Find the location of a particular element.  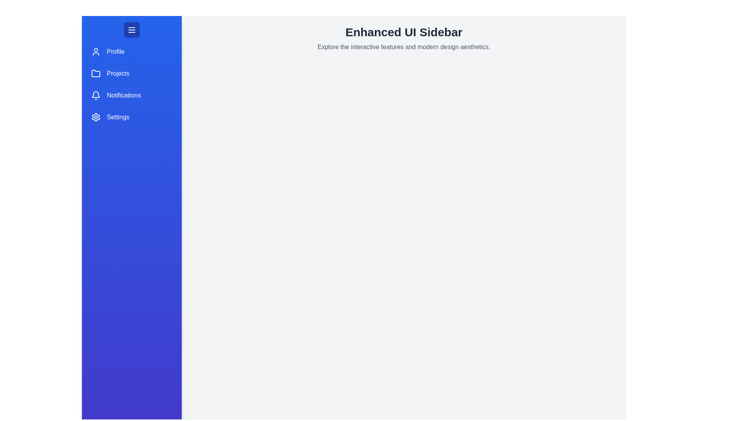

the menu item labeled Notifications to highlight it is located at coordinates (131, 95).